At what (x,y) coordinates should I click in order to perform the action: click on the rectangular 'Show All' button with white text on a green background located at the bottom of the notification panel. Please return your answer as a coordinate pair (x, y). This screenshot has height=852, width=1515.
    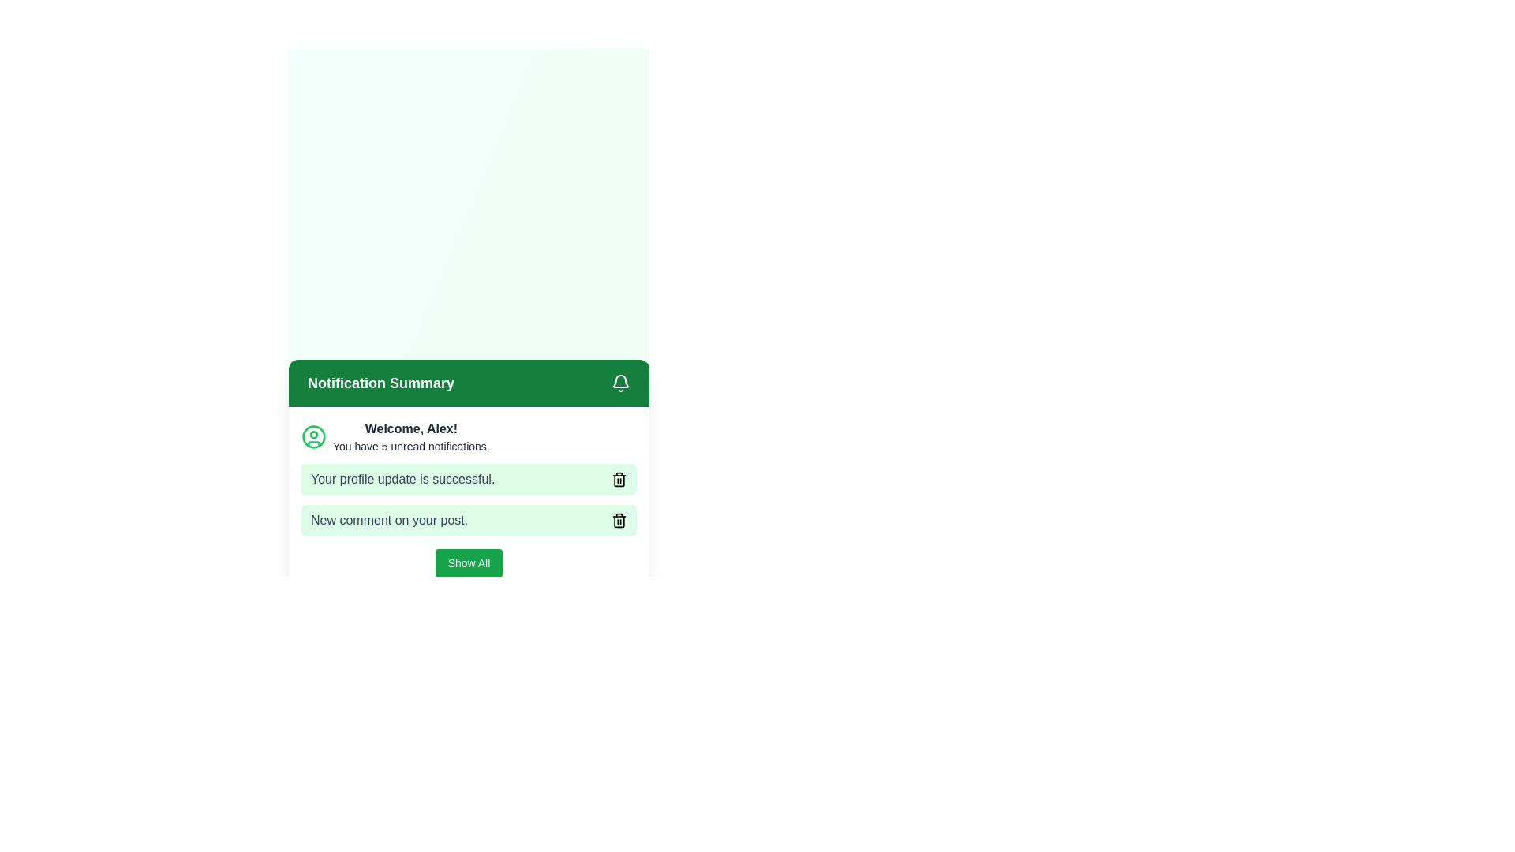
    Looking at the image, I should click on (468, 562).